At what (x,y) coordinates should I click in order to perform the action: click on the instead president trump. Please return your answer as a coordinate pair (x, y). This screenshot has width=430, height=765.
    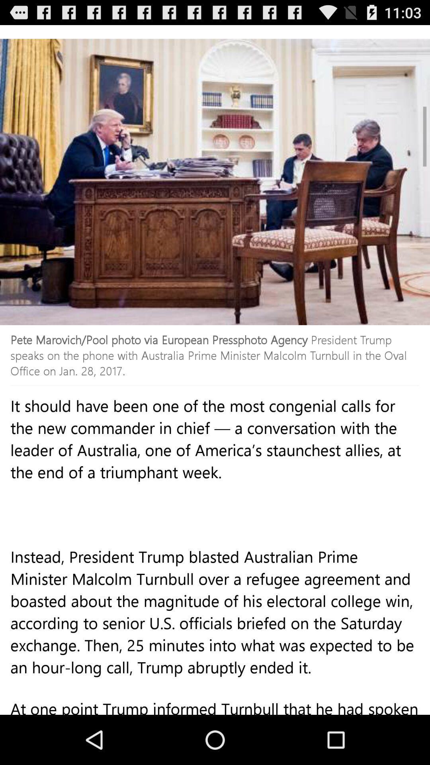
    Looking at the image, I should click on (215, 629).